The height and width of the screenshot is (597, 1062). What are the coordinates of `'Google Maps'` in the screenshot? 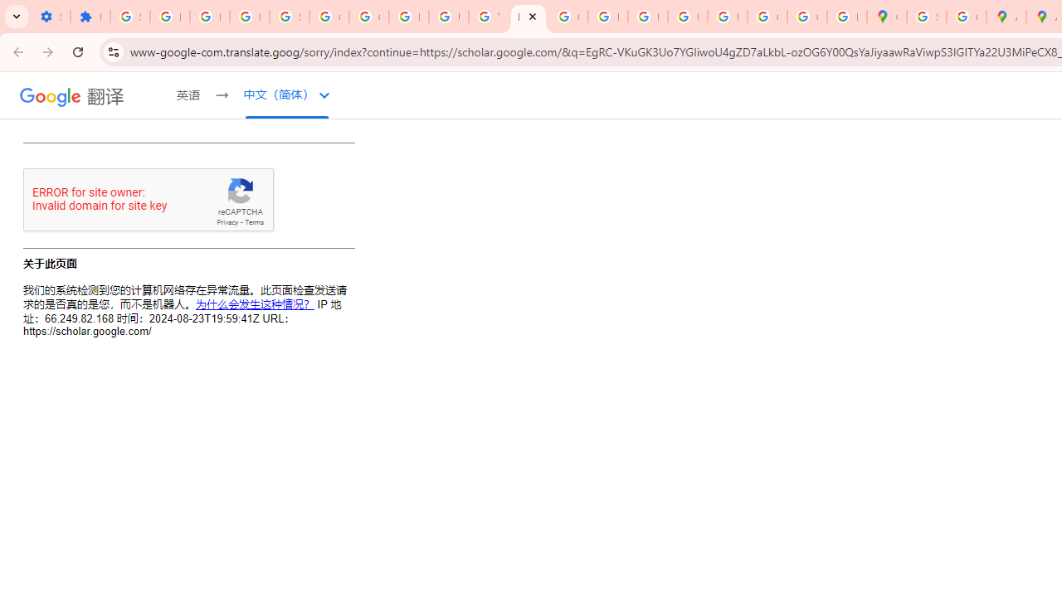 It's located at (885, 17).